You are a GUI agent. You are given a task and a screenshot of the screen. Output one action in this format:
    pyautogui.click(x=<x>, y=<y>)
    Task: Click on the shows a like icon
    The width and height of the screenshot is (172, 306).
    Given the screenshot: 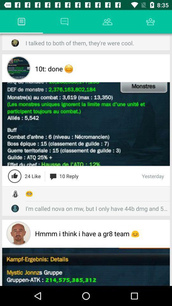 What is the action you would take?
    pyautogui.click(x=15, y=176)
    